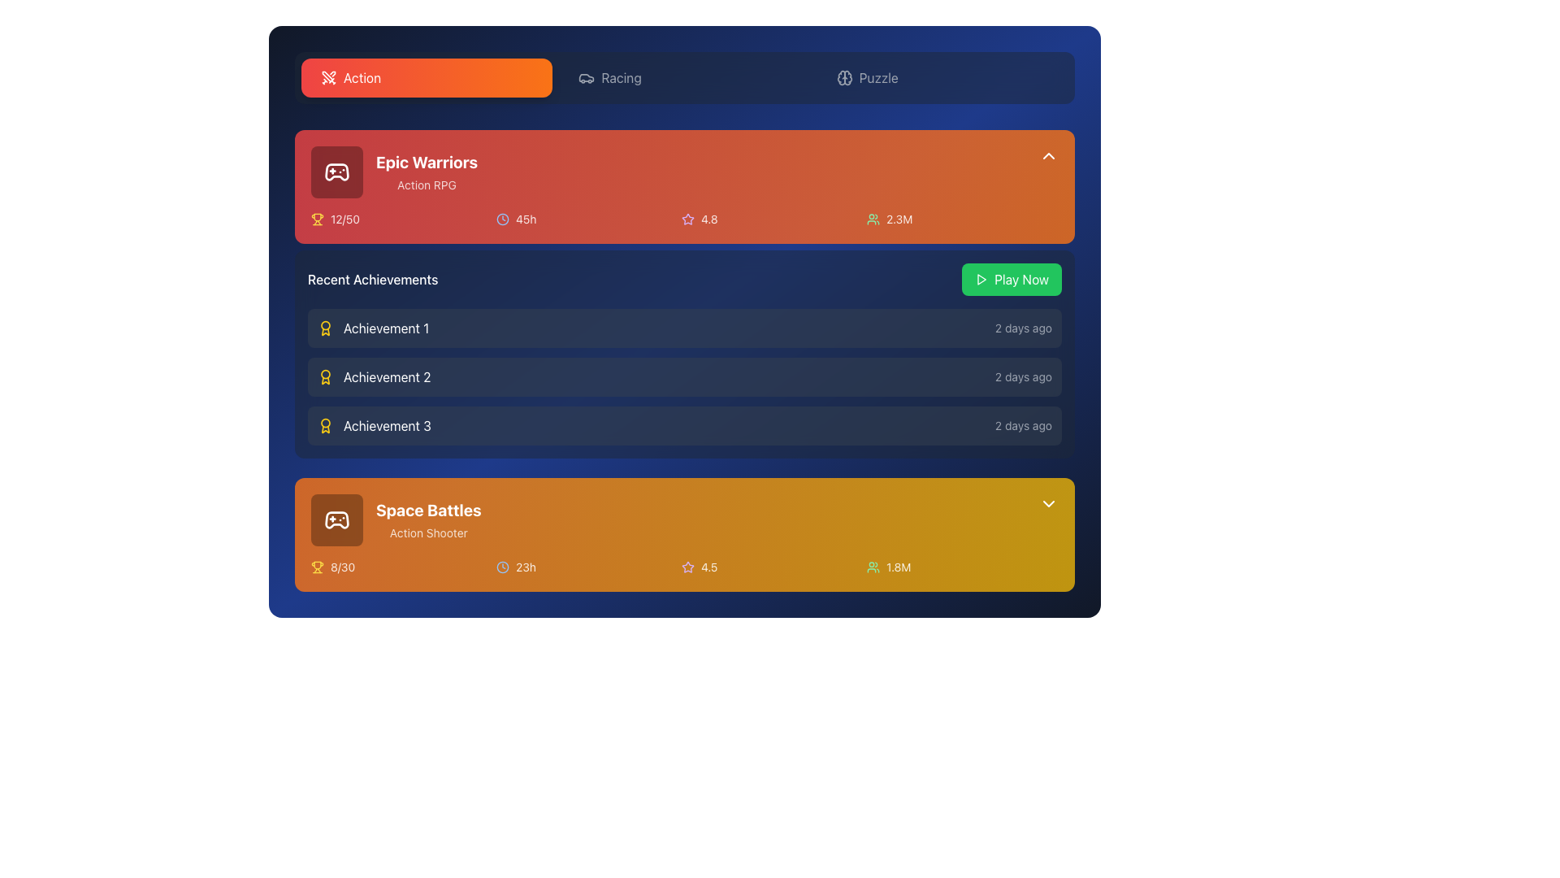  What do you see at coordinates (317, 567) in the screenshot?
I see `the progress icon located within the orange background panel under the game title 'Space Battles', positioned to the left of the text '8/30'` at bounding box center [317, 567].